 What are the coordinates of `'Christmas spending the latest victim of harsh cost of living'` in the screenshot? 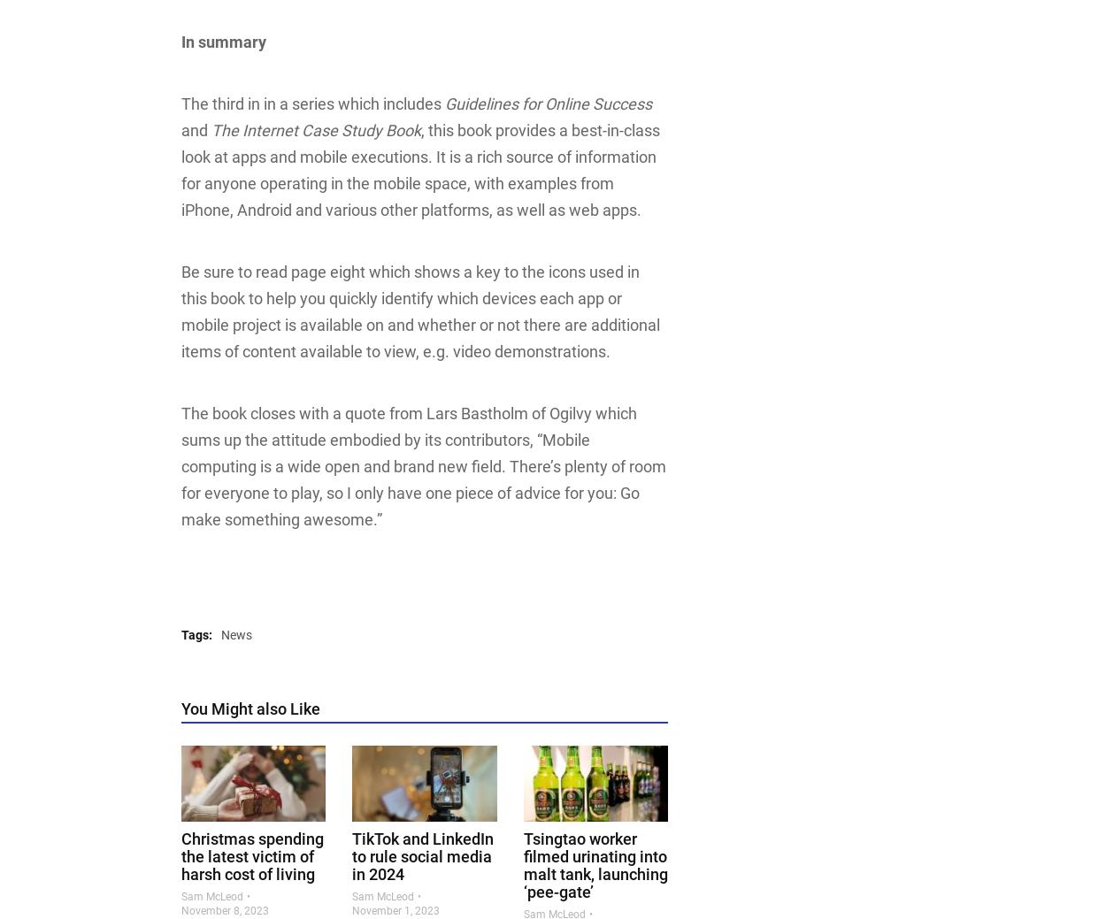 It's located at (252, 855).